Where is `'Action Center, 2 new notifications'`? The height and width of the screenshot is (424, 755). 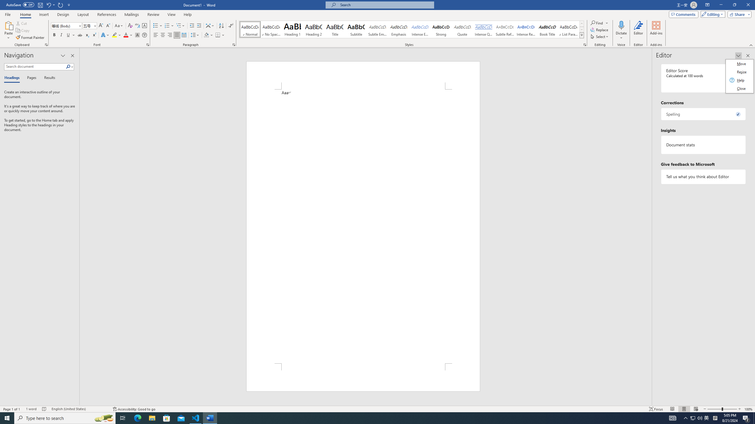 'Action Center, 2 new notifications' is located at coordinates (746, 418).